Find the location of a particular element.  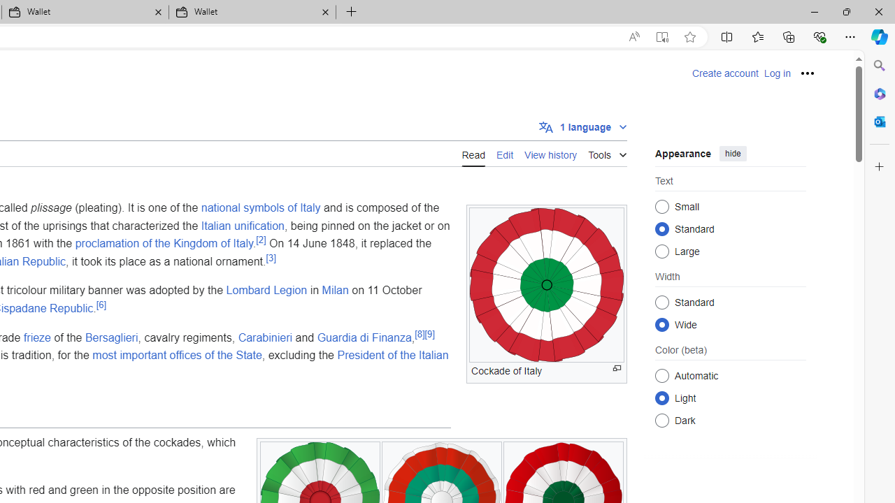

'Light' is located at coordinates (661, 398).